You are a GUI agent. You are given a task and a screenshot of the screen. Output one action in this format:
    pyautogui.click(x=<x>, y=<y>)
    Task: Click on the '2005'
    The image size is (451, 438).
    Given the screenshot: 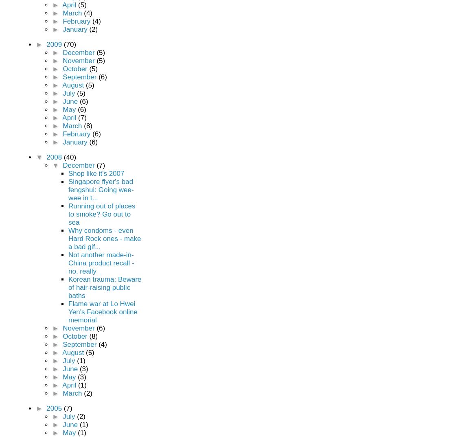 What is the action you would take?
    pyautogui.click(x=55, y=408)
    